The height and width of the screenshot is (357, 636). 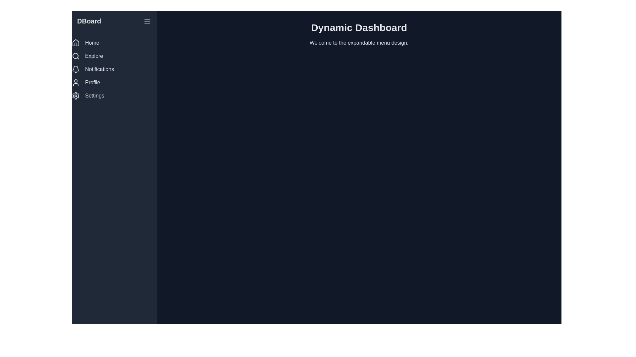 What do you see at coordinates (359, 43) in the screenshot?
I see `the Text label that provides context or information in the user interface, positioned below the header text 'Dynamic Dashboard'` at bounding box center [359, 43].